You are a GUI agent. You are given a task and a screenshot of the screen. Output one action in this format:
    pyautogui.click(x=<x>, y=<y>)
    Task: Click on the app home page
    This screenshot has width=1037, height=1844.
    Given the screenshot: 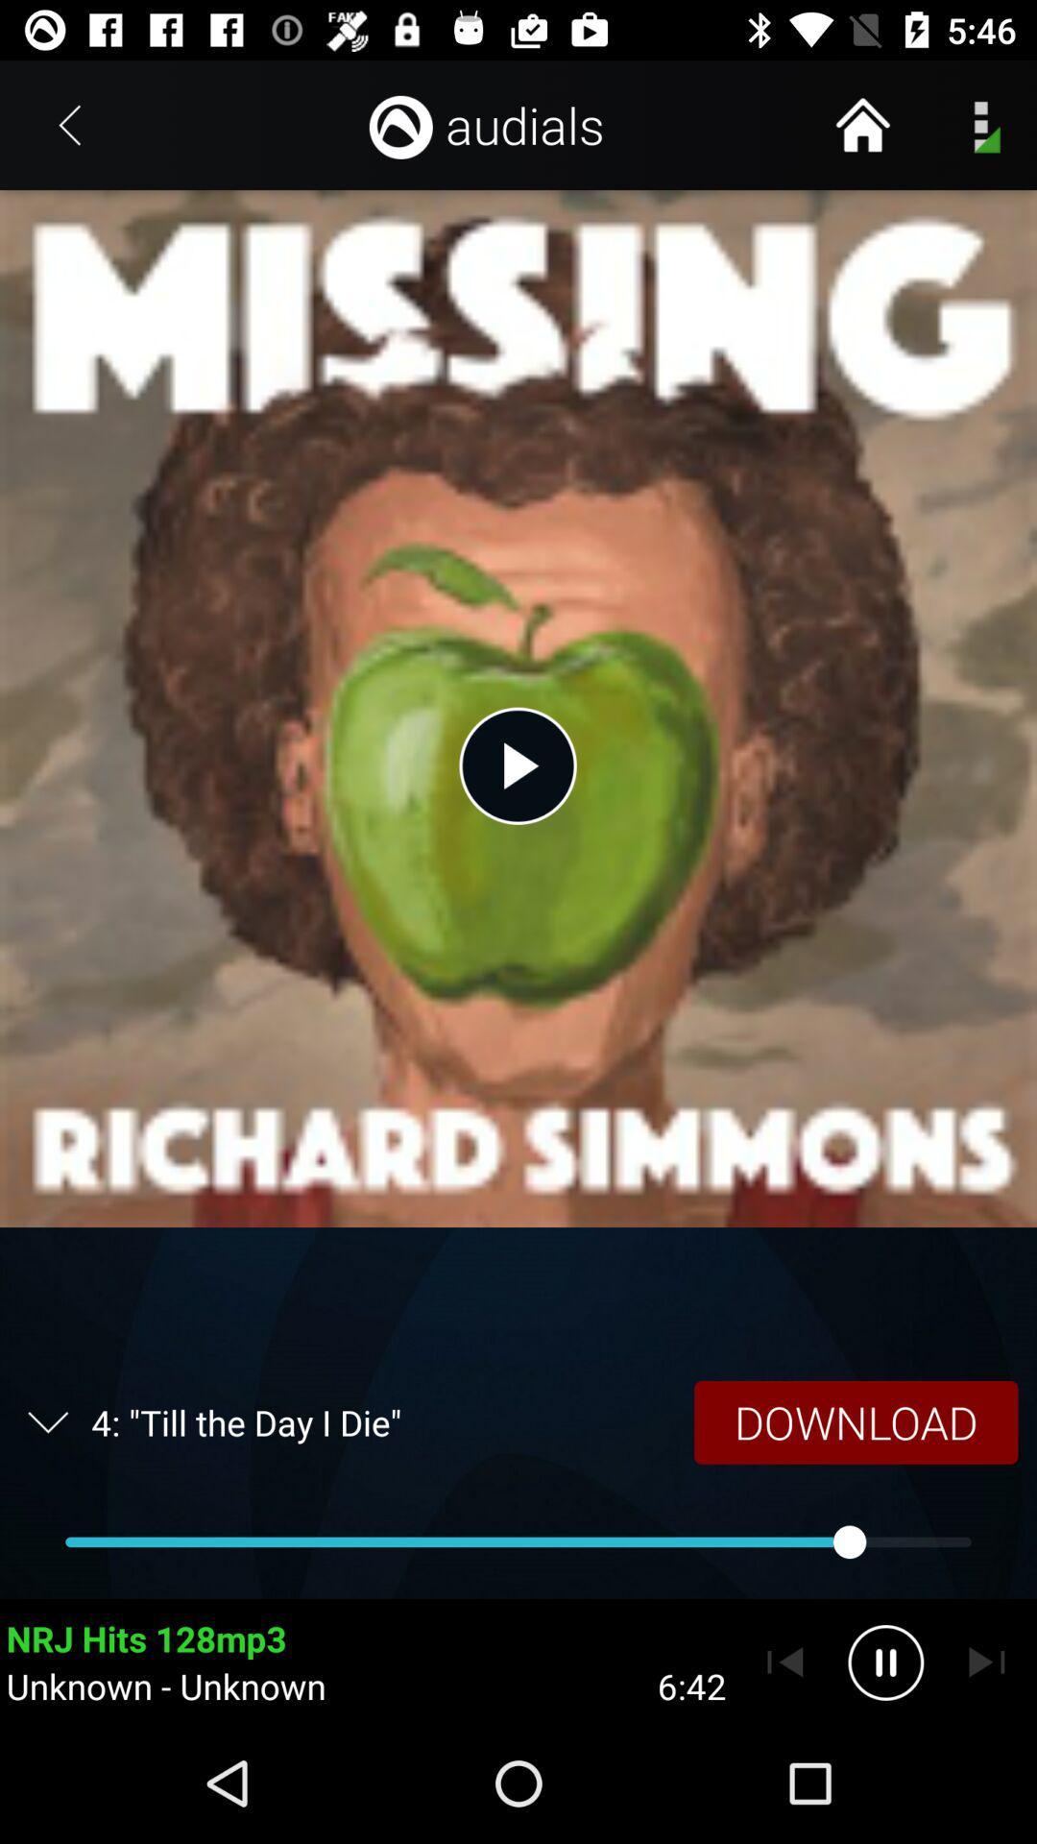 What is the action you would take?
    pyautogui.click(x=861, y=124)
    